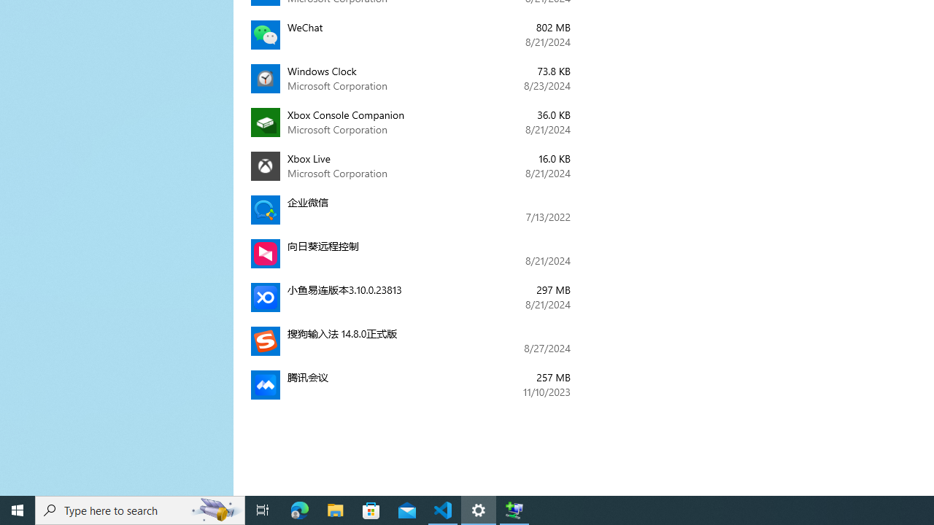 The image size is (934, 525). What do you see at coordinates (335, 509) in the screenshot?
I see `'File Explorer'` at bounding box center [335, 509].